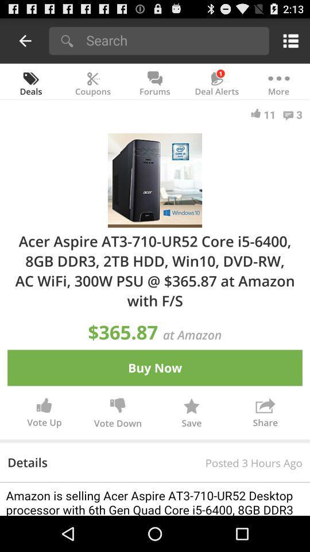 The height and width of the screenshot is (552, 310). I want to click on subject details, so click(155, 499).